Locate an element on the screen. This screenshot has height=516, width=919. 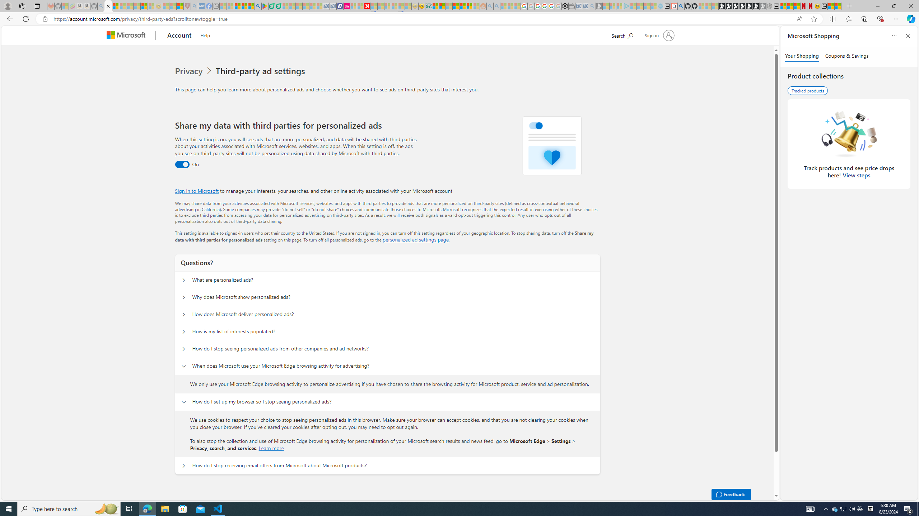
'Recipes - MSN - Sleeping' is located at coordinates (165, 6).